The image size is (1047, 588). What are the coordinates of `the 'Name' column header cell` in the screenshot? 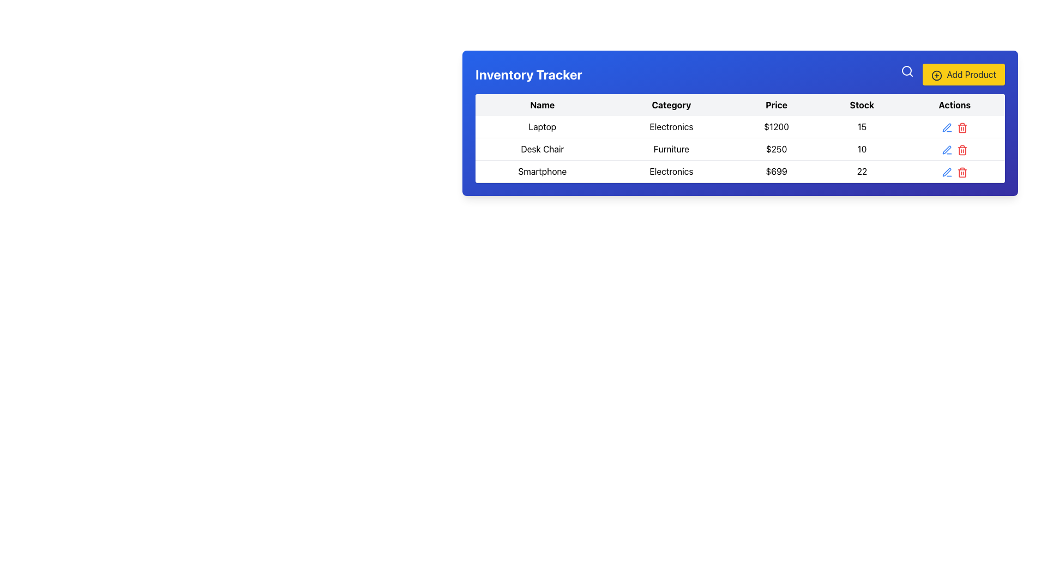 It's located at (542, 105).